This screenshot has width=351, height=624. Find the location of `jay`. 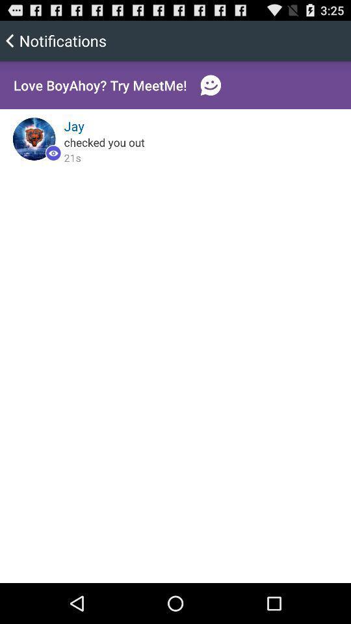

jay is located at coordinates (74, 126).